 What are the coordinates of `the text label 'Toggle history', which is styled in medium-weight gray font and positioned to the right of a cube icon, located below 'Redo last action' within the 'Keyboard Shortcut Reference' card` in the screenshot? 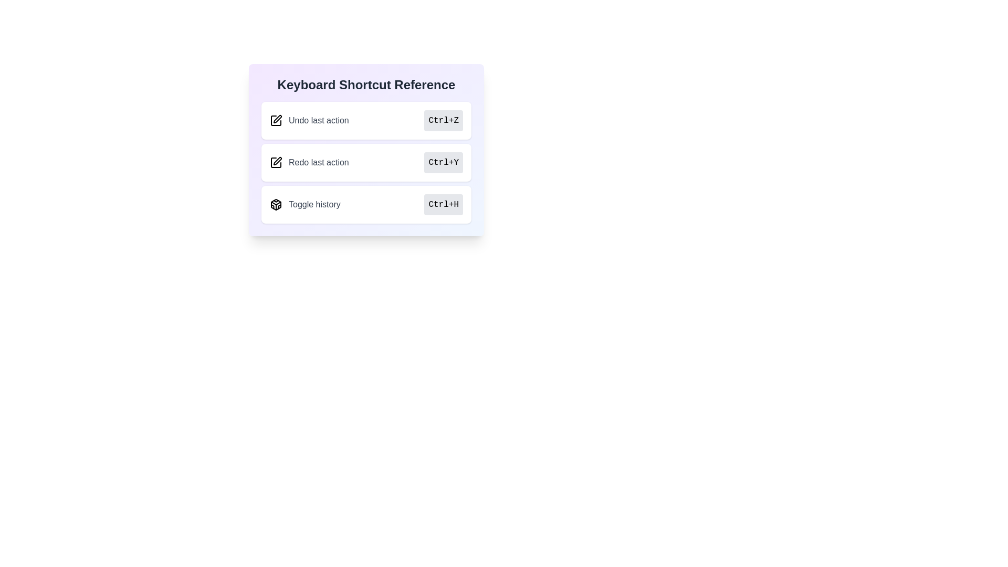 It's located at (314, 204).